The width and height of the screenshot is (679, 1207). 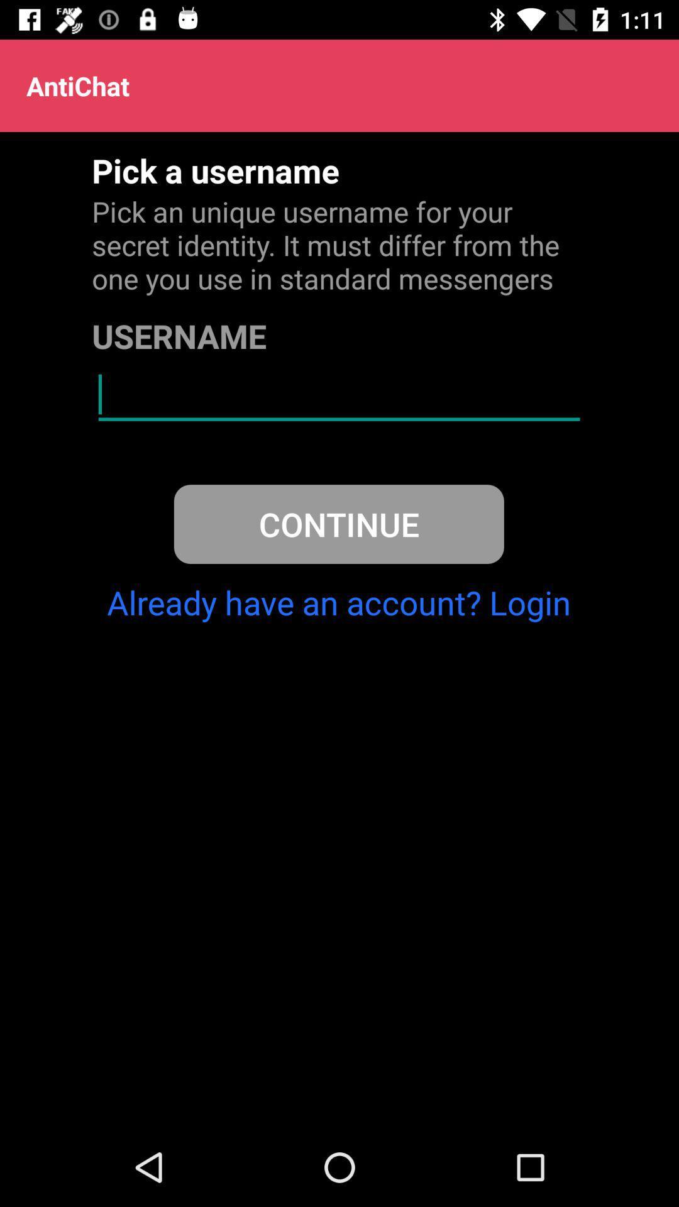 I want to click on the item above the already have an icon, so click(x=338, y=524).